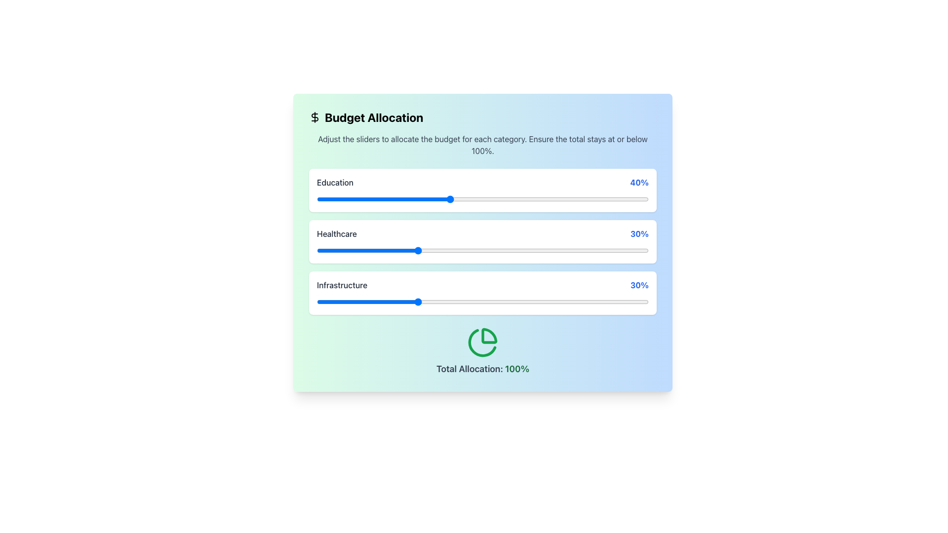  Describe the element at coordinates (342, 285) in the screenshot. I see `the label that identifies the slider and percentage value for the 'Infrastructure' budget allocation, which is located in the 'Budget Allocation' section above the slider and aligned with '30%' text` at that location.